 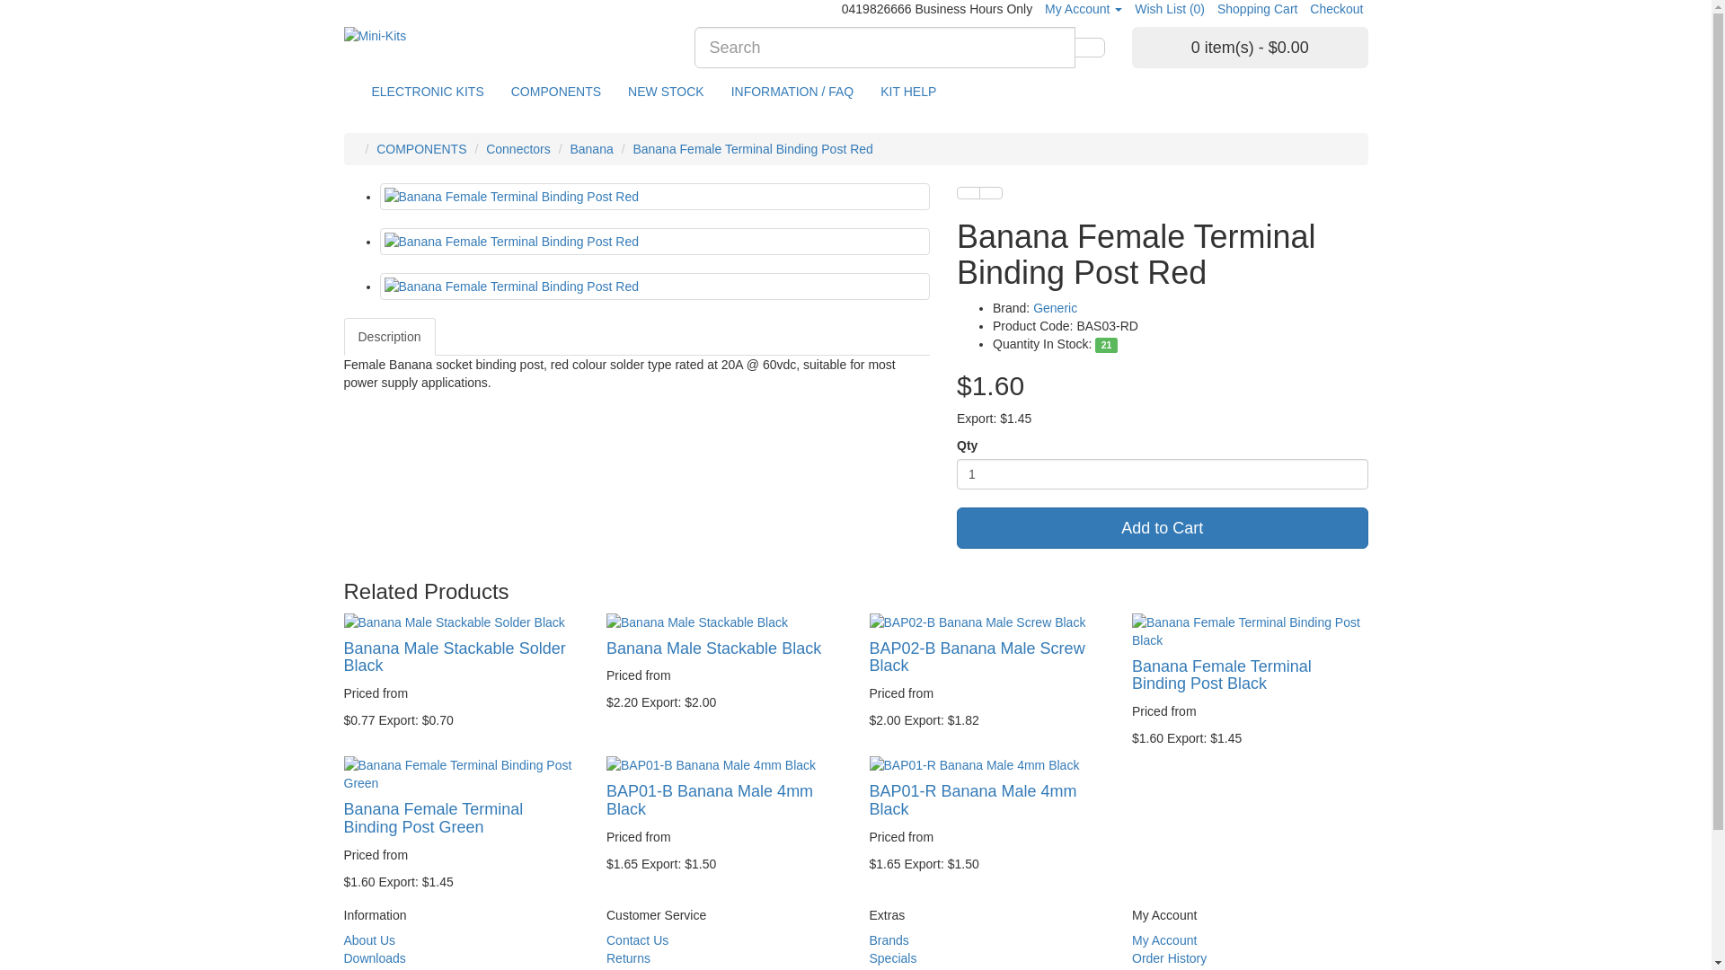 I want to click on 'ELECTRONIC KITS', so click(x=426, y=91).